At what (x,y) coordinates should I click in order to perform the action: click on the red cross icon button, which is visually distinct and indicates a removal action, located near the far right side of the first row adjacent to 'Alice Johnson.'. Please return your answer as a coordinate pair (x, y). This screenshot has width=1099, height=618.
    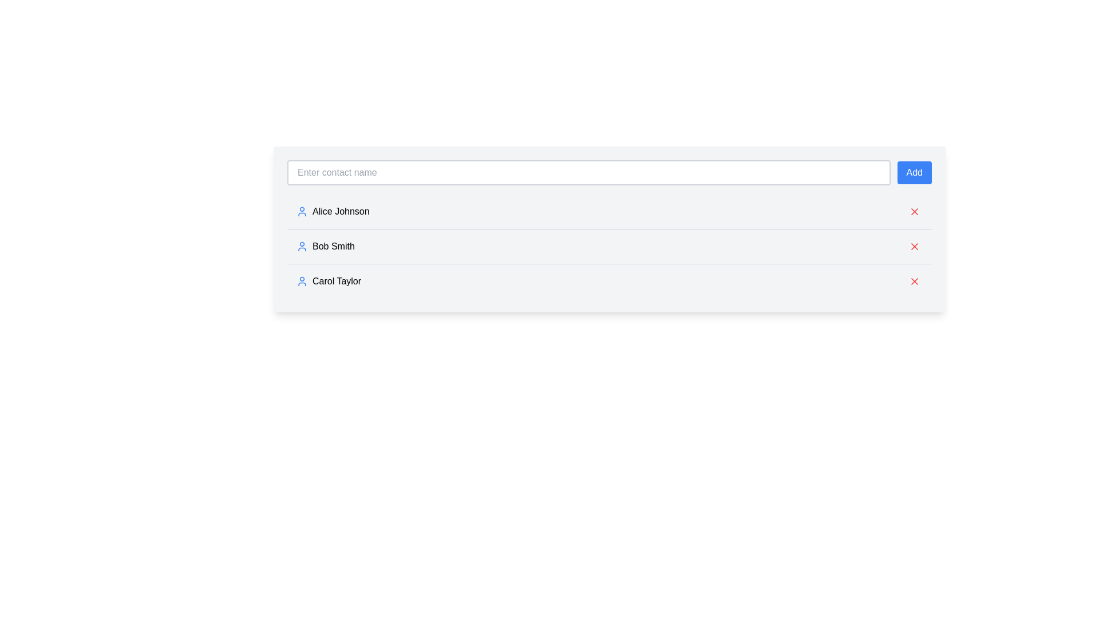
    Looking at the image, I should click on (914, 212).